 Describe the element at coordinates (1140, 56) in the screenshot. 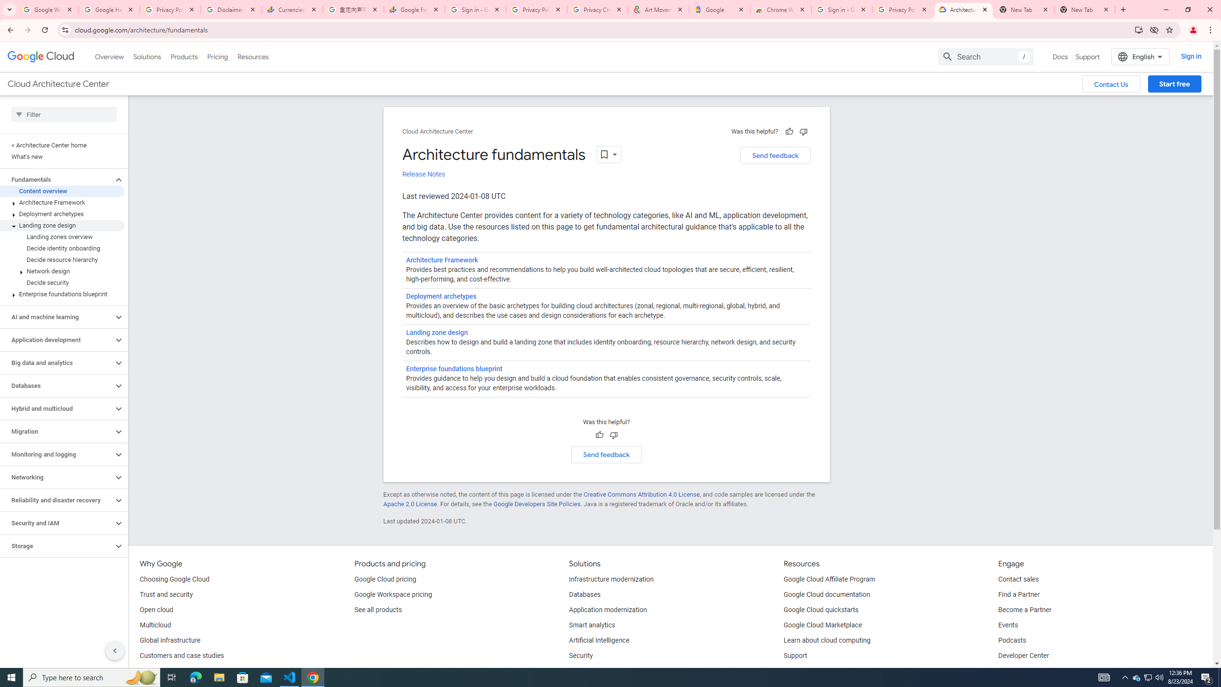

I see `'English'` at that location.